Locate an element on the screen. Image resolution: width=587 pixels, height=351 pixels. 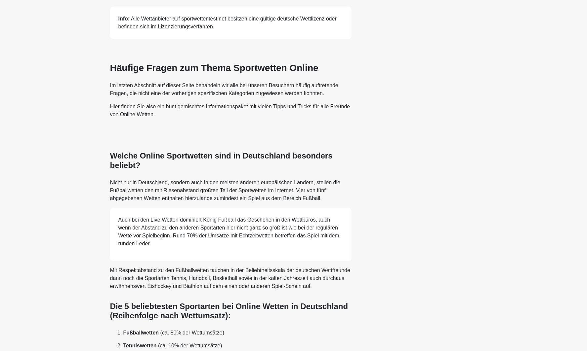
'Im letzten Abschnitt auf dieser Seite behandeln wir alle bei unseren Besuchern häufig auftretende Fragen, die nicht eine der vorherigen spezifischen Kategorien zugewiesen werden konnten.' is located at coordinates (109, 89).